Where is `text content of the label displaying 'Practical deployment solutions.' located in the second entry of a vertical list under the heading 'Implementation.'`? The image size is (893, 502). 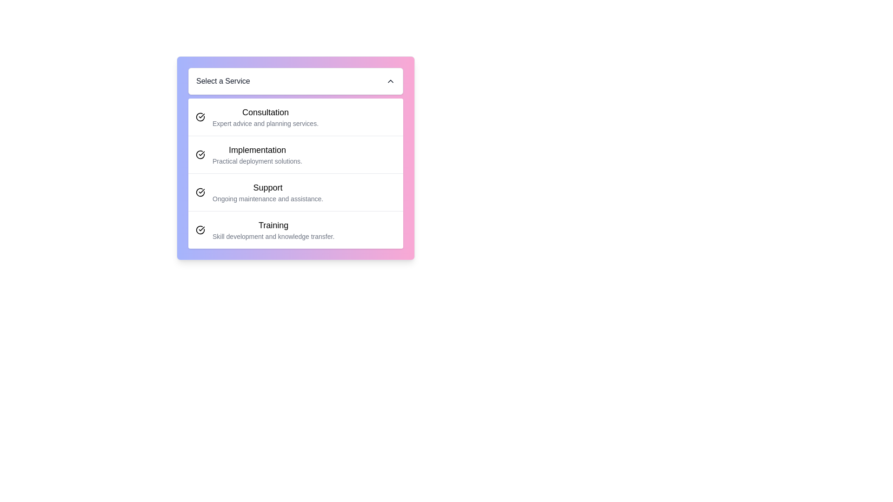
text content of the label displaying 'Practical deployment solutions.' located in the second entry of a vertical list under the heading 'Implementation.' is located at coordinates (257, 161).